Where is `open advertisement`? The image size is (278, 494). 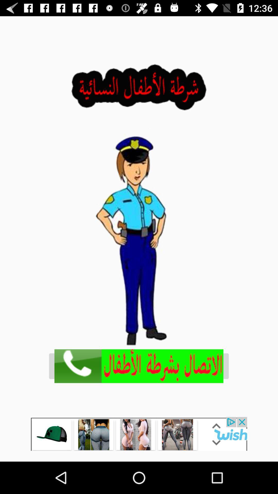
open advertisement is located at coordinates (138, 366).